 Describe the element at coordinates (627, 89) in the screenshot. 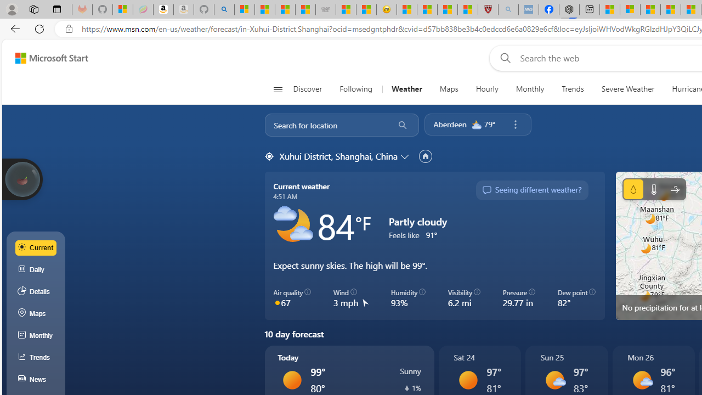

I see `'Severe Weather'` at that location.